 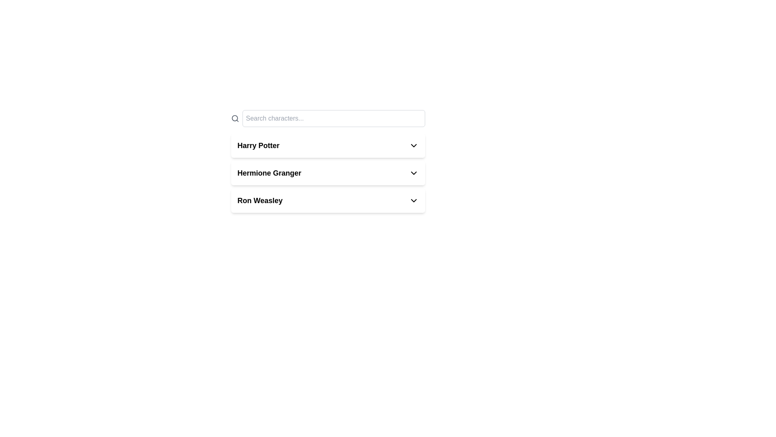 What do you see at coordinates (413, 200) in the screenshot?
I see `the chevron-down icon in the 'Ron Weasley' section` at bounding box center [413, 200].